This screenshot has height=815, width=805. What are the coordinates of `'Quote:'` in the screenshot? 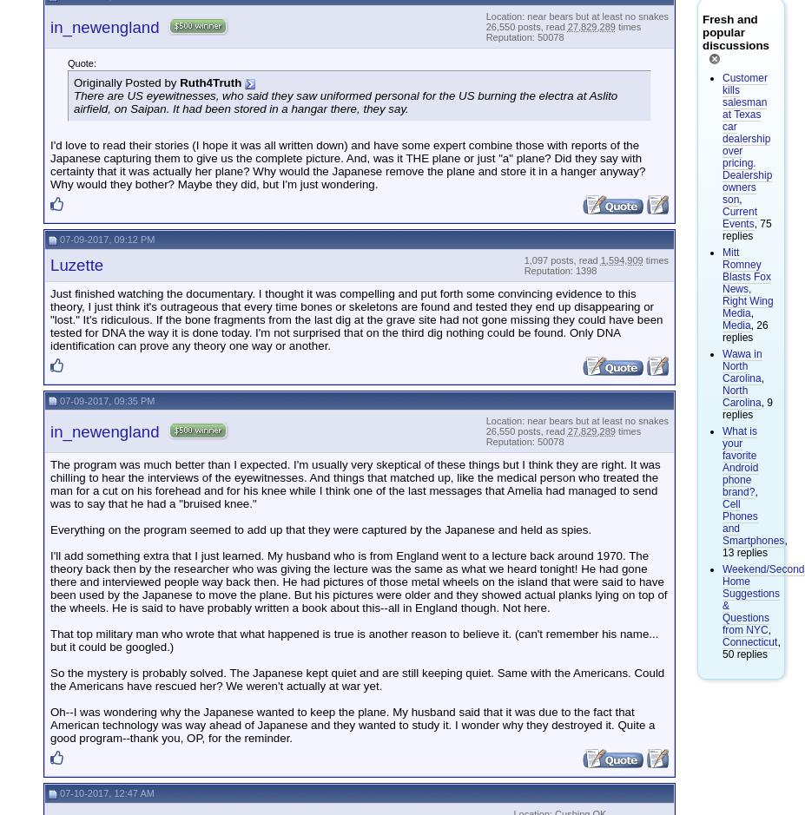 It's located at (66, 62).